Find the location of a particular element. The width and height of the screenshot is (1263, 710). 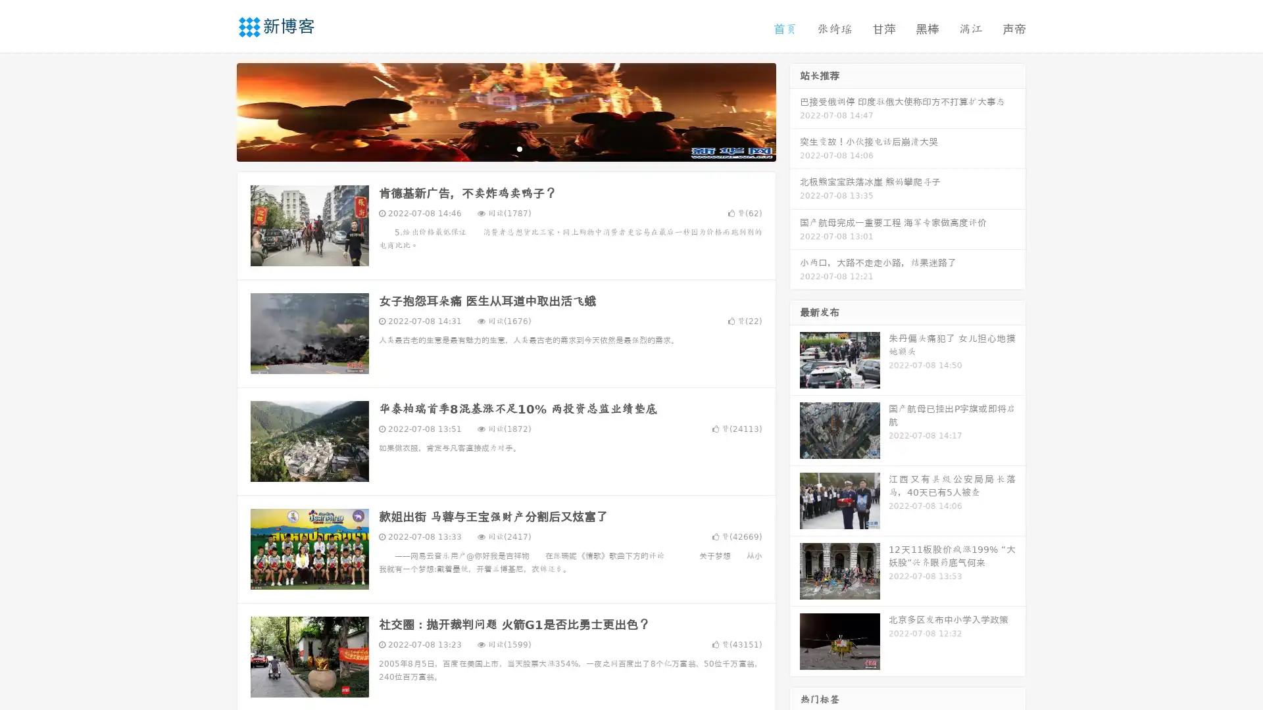

Go to slide 3 is located at coordinates (519, 148).